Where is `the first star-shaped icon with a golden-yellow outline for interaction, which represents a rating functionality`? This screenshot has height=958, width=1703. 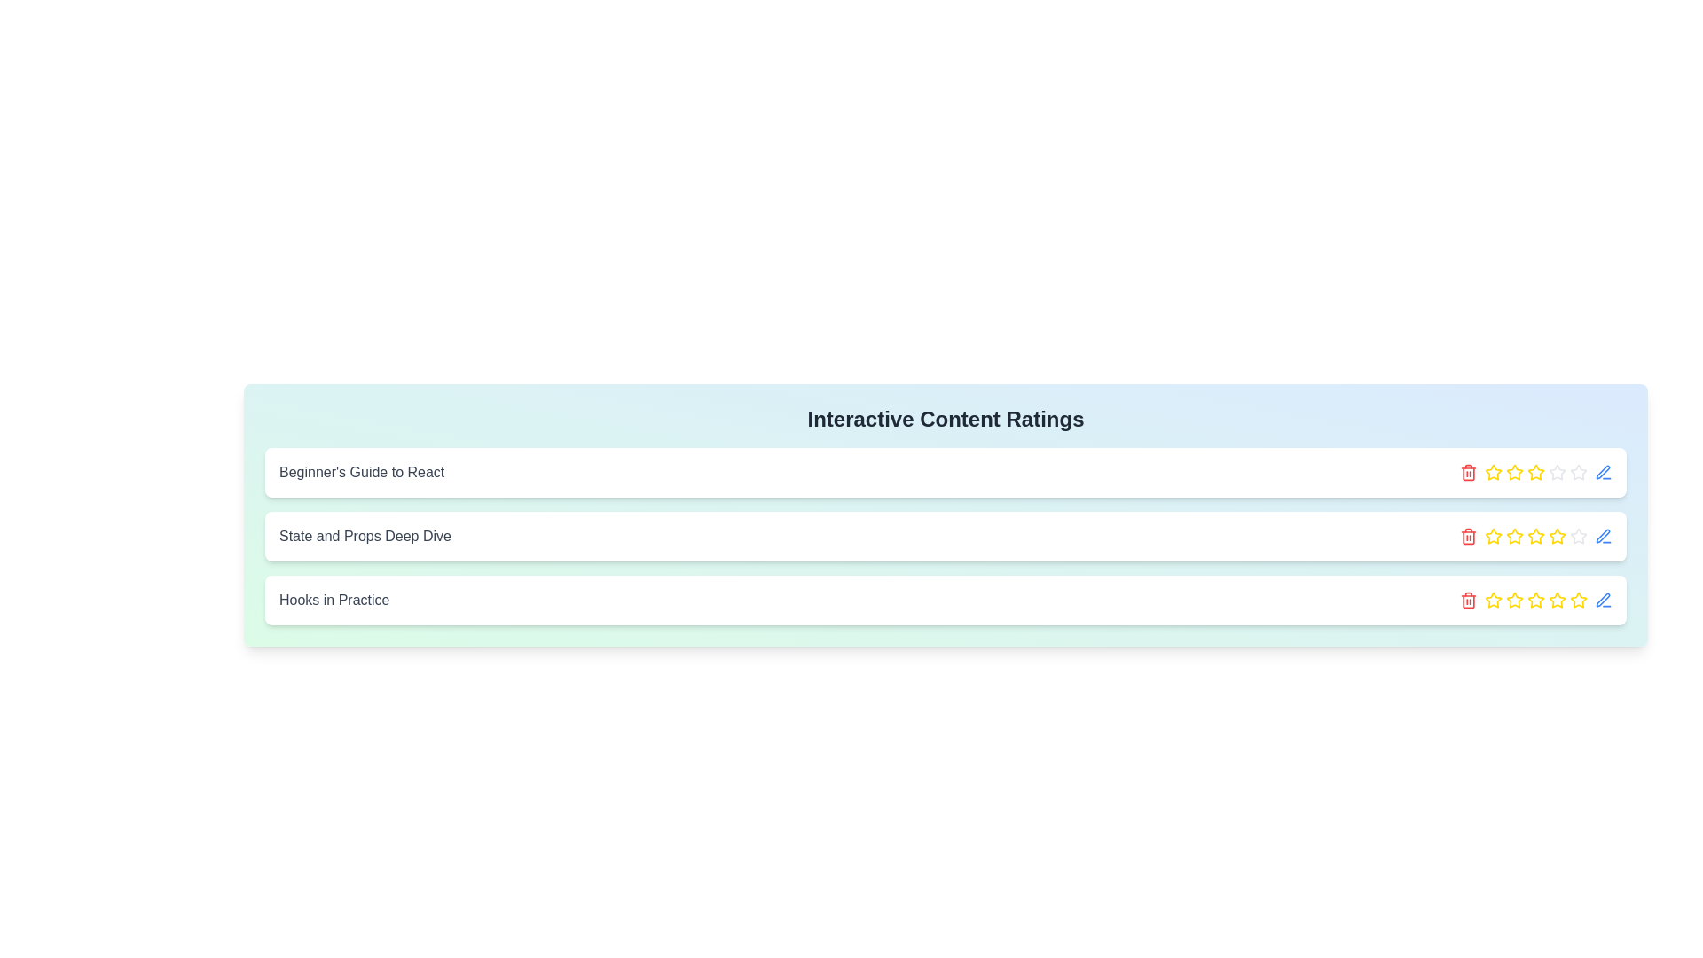
the first star-shaped icon with a golden-yellow outline for interaction, which represents a rating functionality is located at coordinates (1493, 600).